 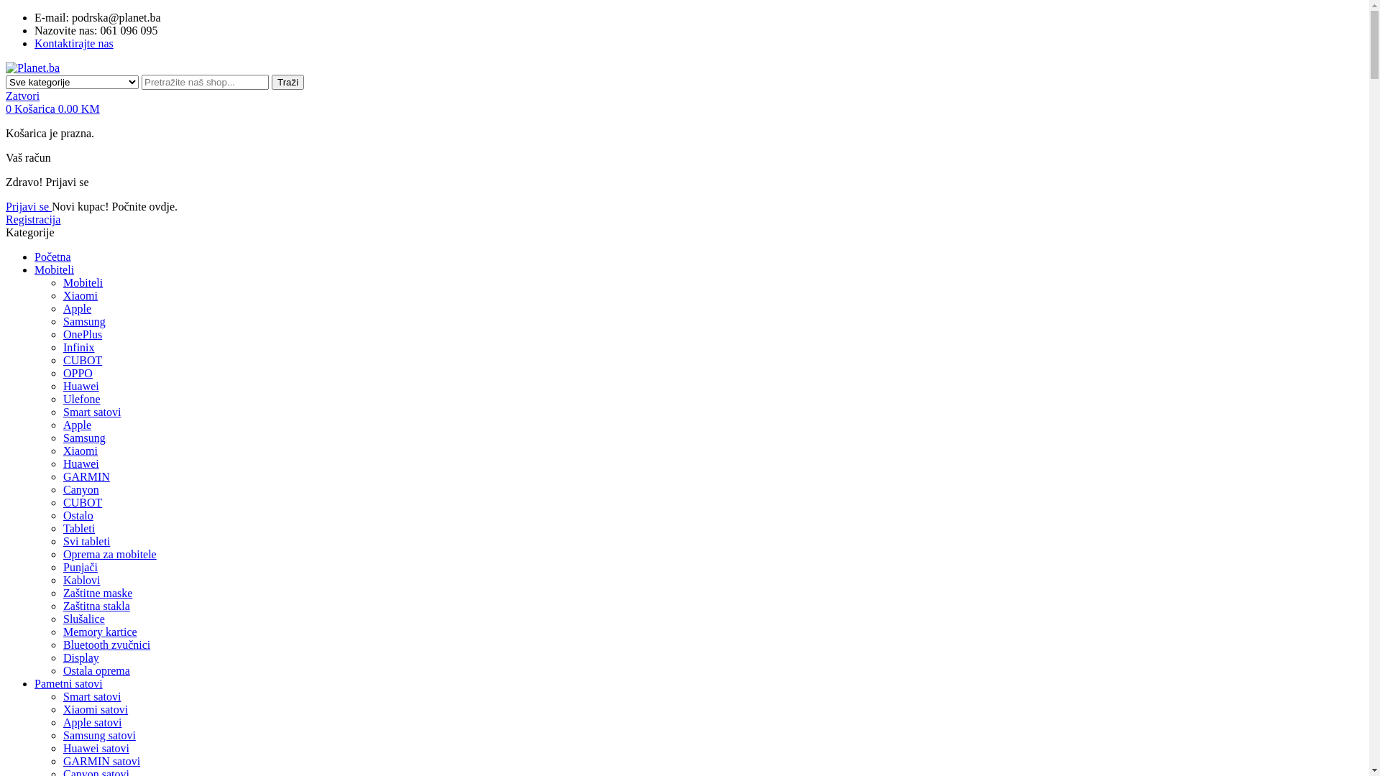 I want to click on 'Infinix', so click(x=62, y=347).